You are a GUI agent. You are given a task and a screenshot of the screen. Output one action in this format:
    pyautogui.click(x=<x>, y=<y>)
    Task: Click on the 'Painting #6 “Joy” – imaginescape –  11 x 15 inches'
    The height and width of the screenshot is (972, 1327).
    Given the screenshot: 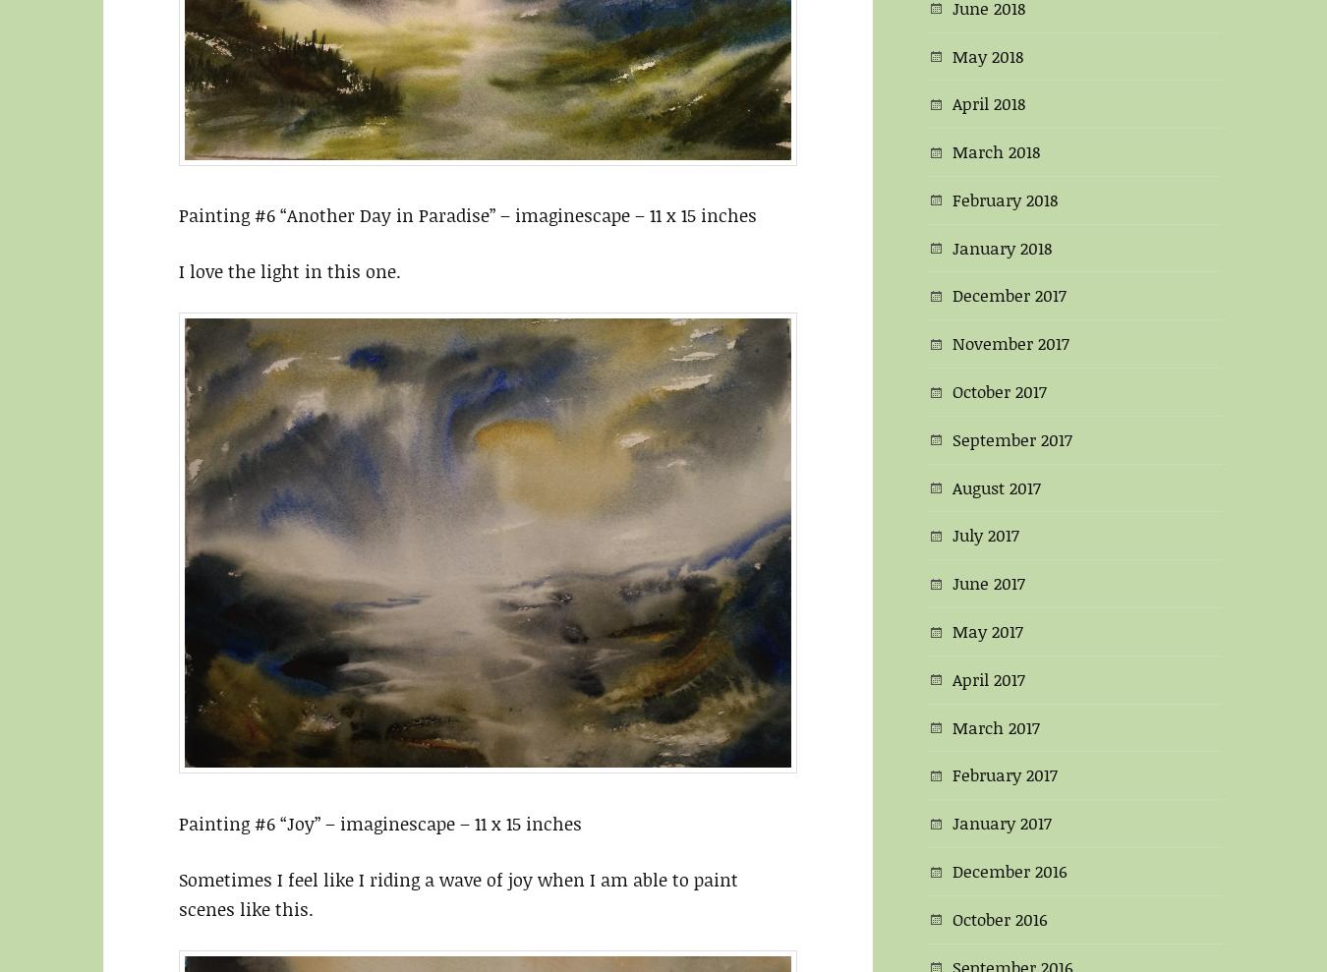 What is the action you would take?
    pyautogui.click(x=380, y=822)
    